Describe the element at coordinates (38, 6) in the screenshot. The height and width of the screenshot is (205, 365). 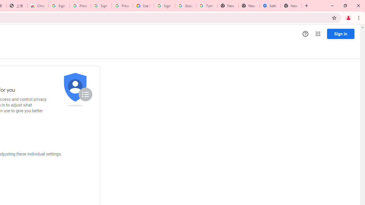
I see `'Chrome Web Store - Color themes by Chrome'` at that location.